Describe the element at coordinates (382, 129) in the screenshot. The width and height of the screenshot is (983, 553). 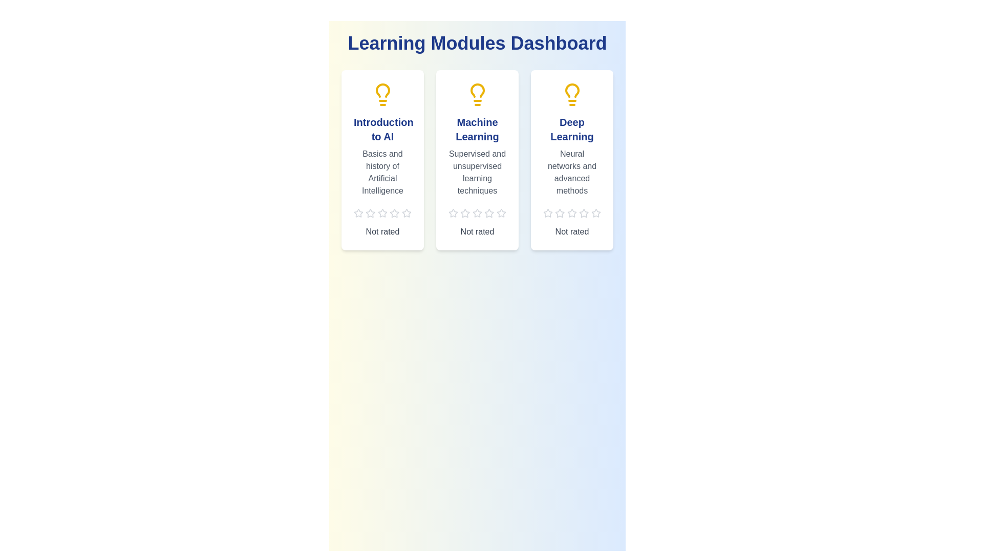
I see `the title or description of the module to view its details` at that location.